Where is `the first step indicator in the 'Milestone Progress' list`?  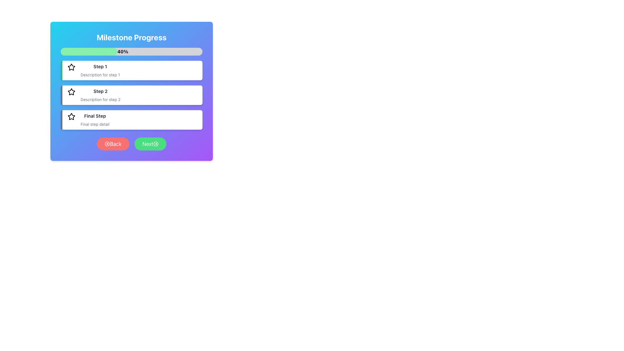
the first step indicator in the 'Milestone Progress' list is located at coordinates (131, 70).